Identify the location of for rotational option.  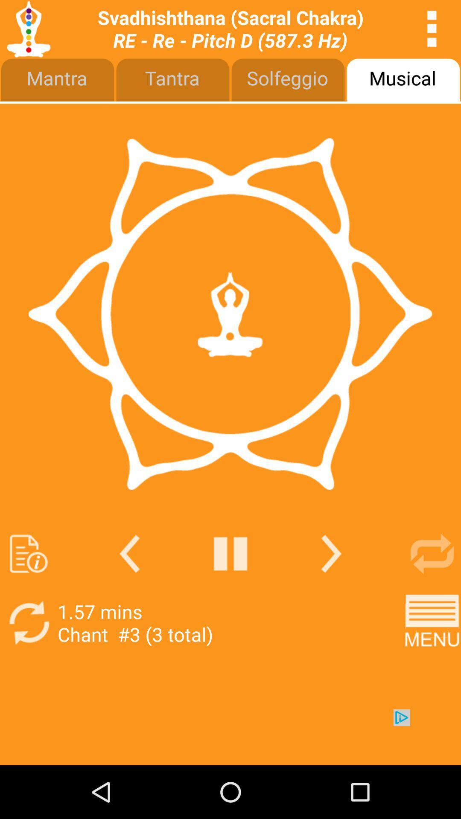
(432, 554).